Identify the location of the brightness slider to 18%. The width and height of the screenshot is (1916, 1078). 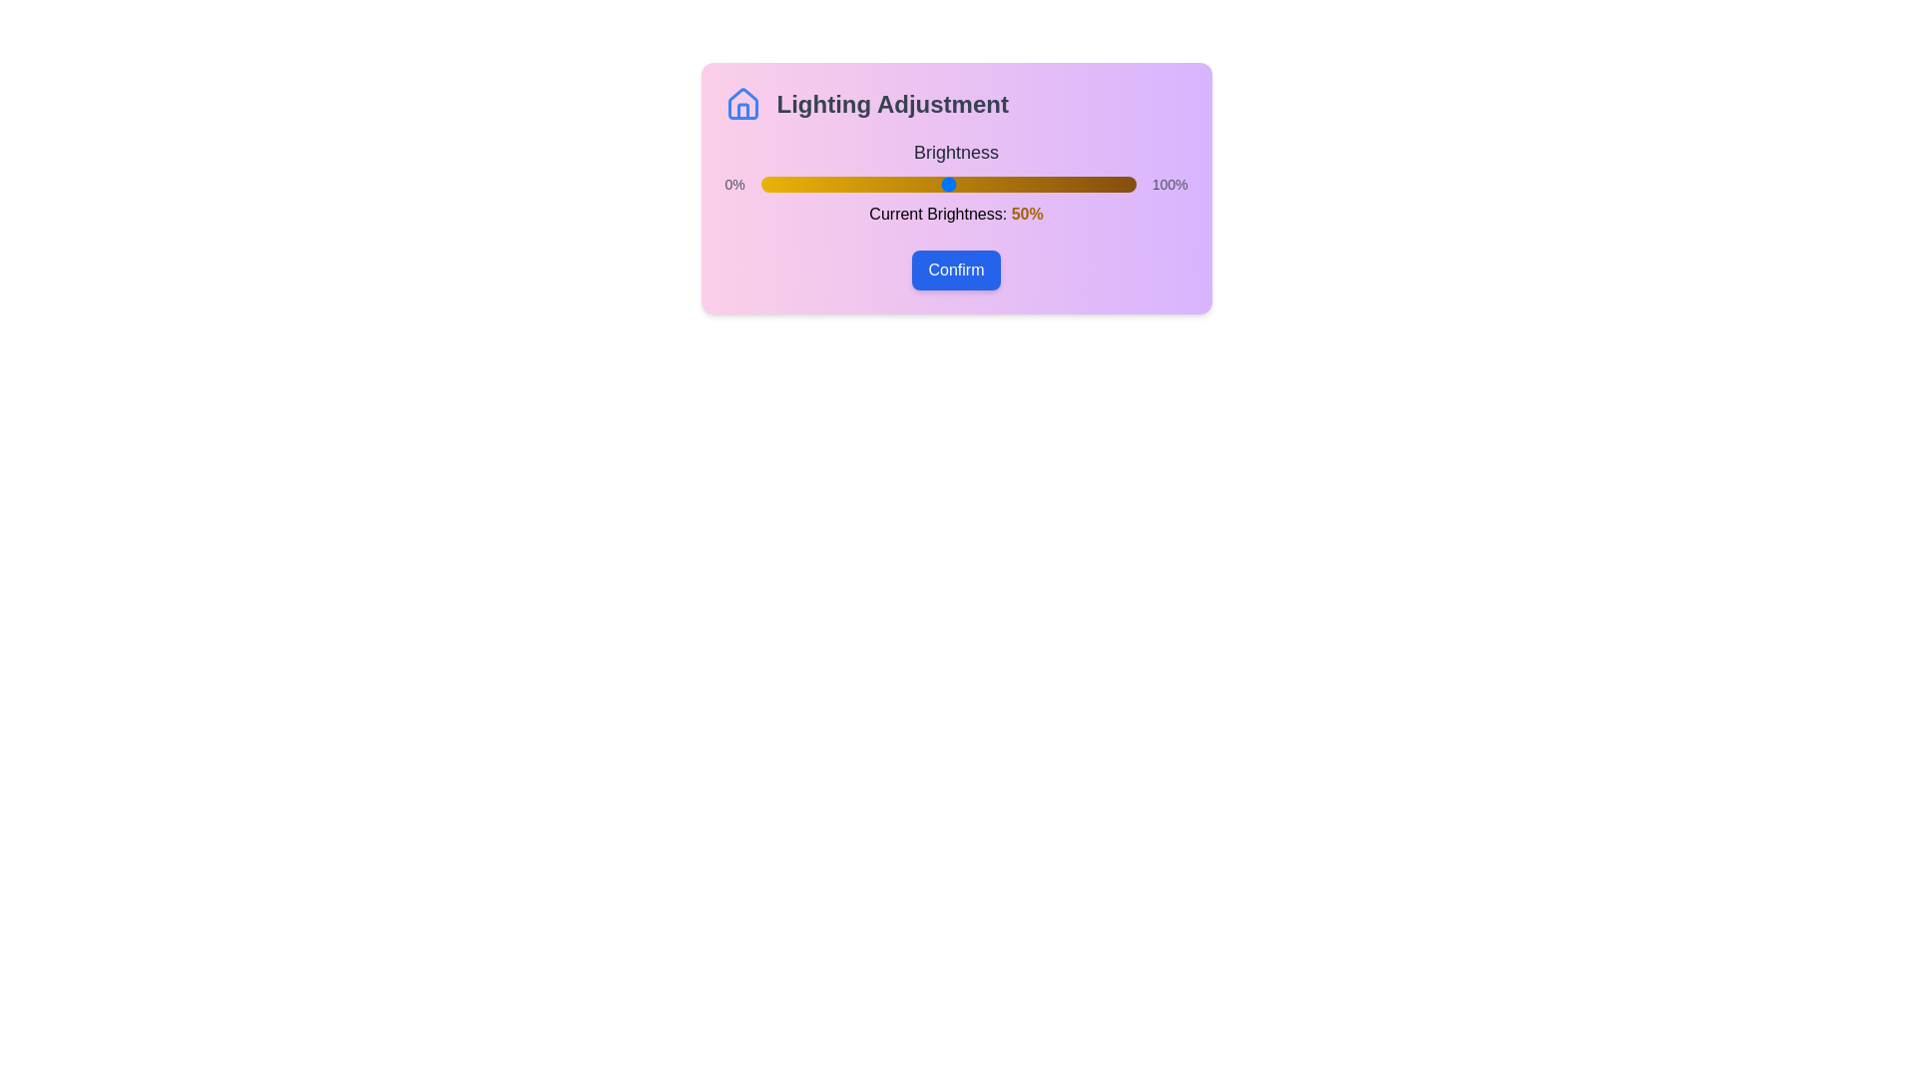
(828, 185).